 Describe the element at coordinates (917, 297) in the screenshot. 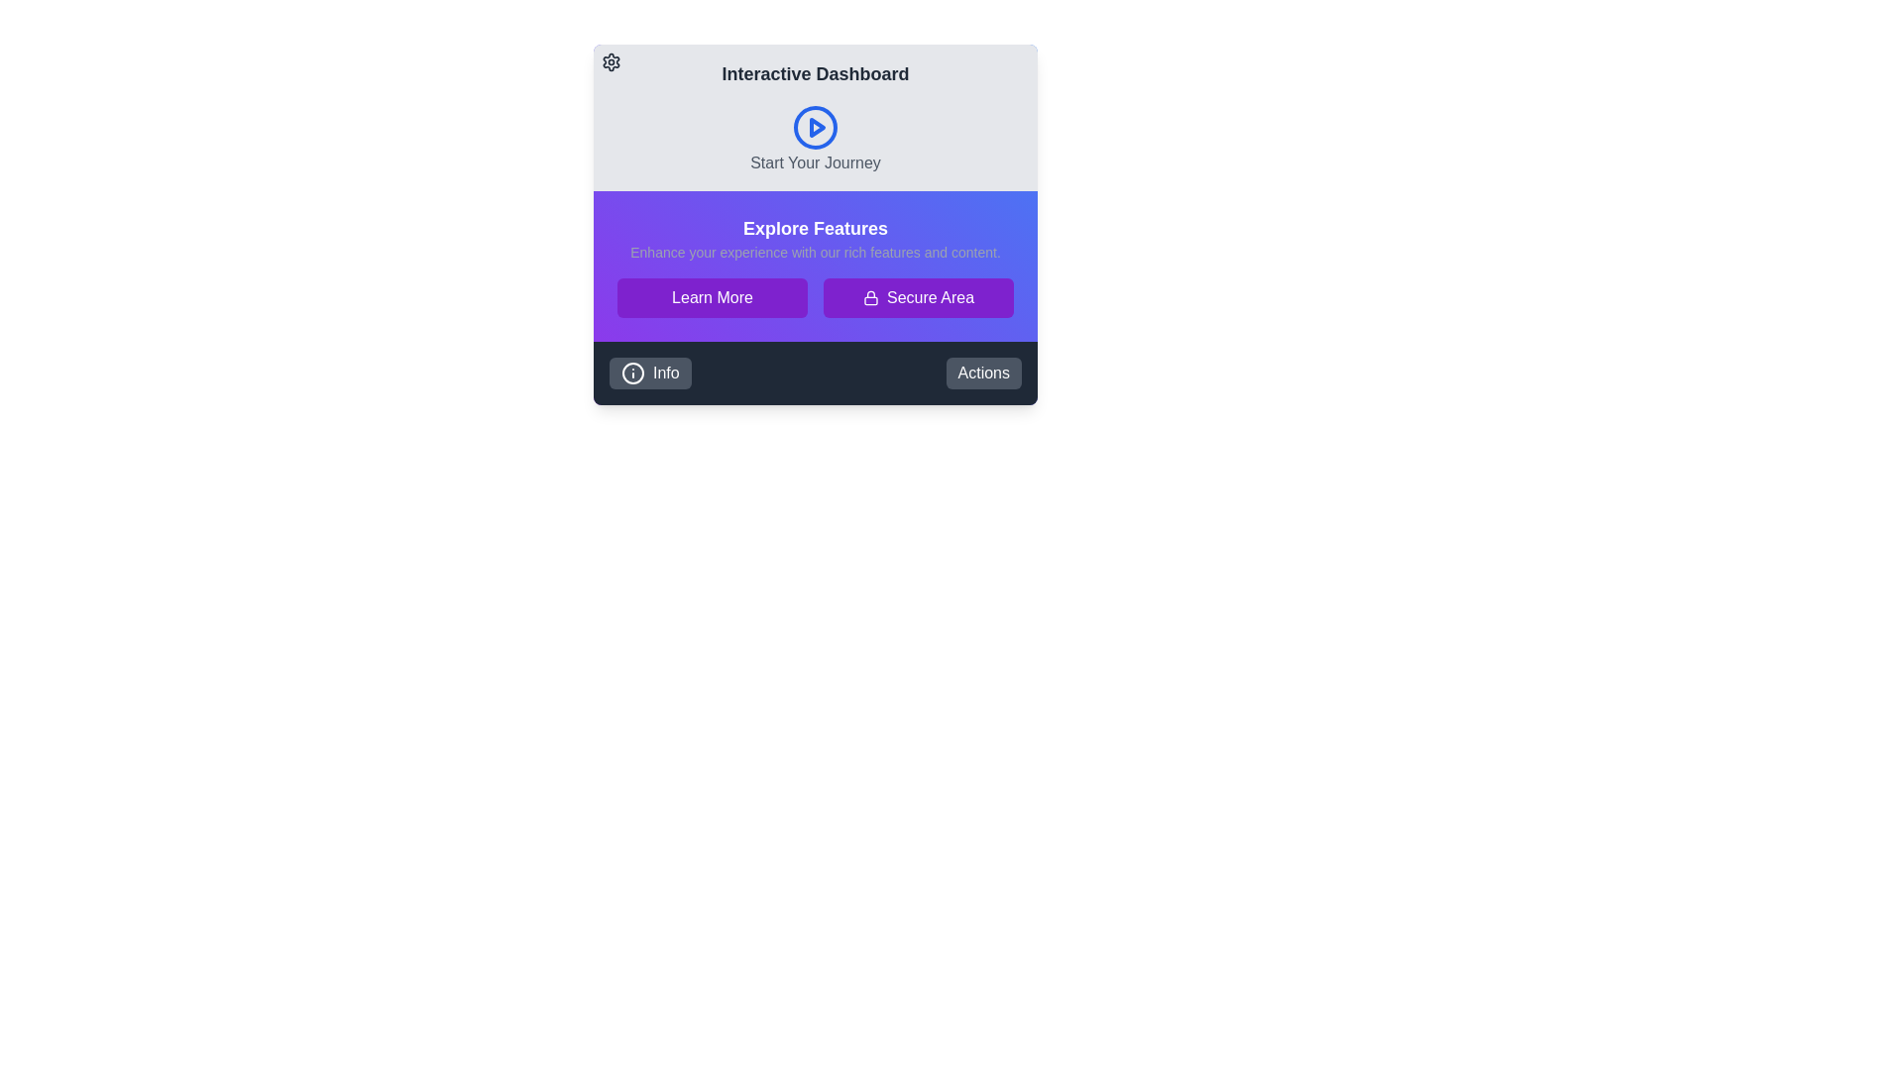

I see `the button located in the second column beneath the 'Explore Features' heading to observe its hover effects` at that location.